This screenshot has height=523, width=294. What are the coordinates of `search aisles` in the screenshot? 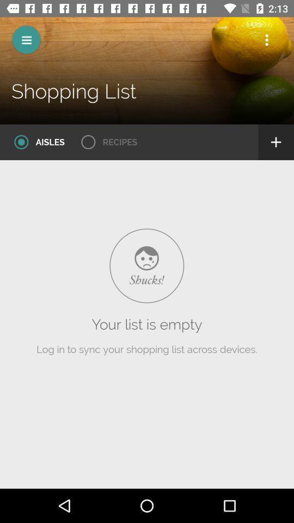 It's located at (35, 142).